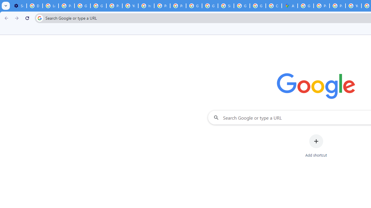  What do you see at coordinates (130, 6) in the screenshot?
I see `'YouTube'` at bounding box center [130, 6].